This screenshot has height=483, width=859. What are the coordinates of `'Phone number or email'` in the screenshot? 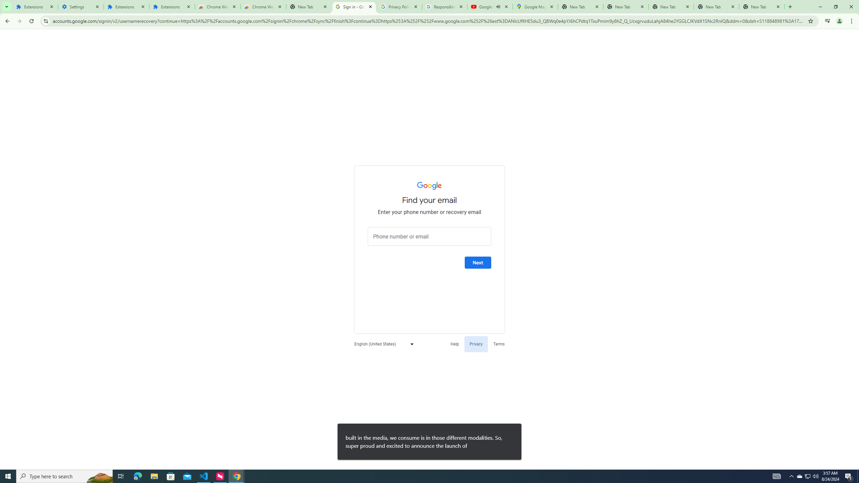 It's located at (429, 236).